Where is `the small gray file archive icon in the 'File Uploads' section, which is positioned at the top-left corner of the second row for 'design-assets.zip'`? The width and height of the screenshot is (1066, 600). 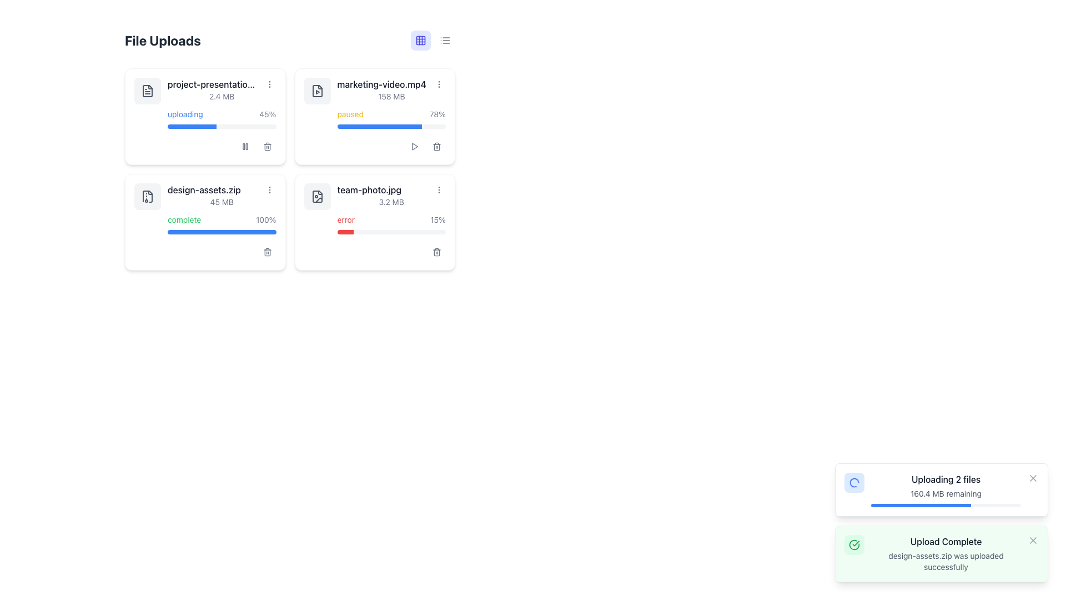 the small gray file archive icon in the 'File Uploads' section, which is positioned at the top-left corner of the second row for 'design-assets.zip' is located at coordinates (147, 196).